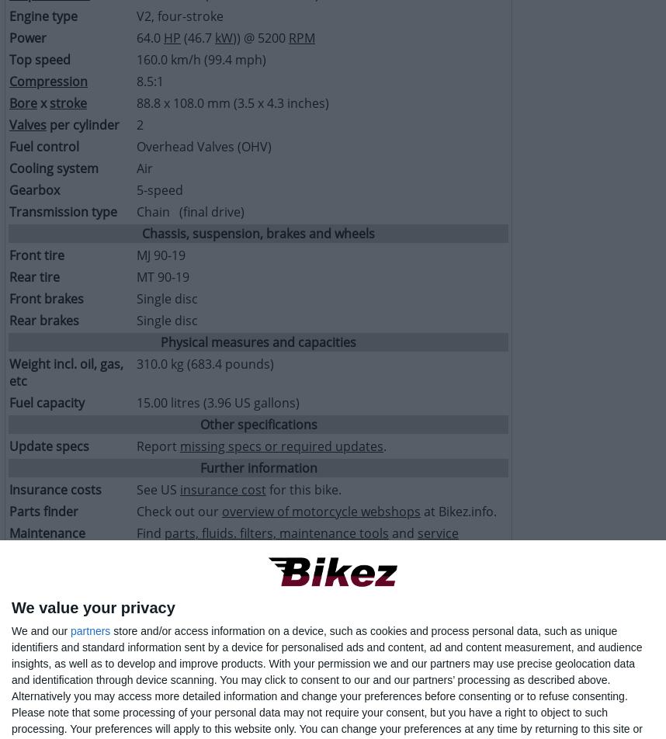 Image resolution: width=666 pixels, height=739 pixels. What do you see at coordinates (9, 255) in the screenshot?
I see `'Front tire'` at bounding box center [9, 255].